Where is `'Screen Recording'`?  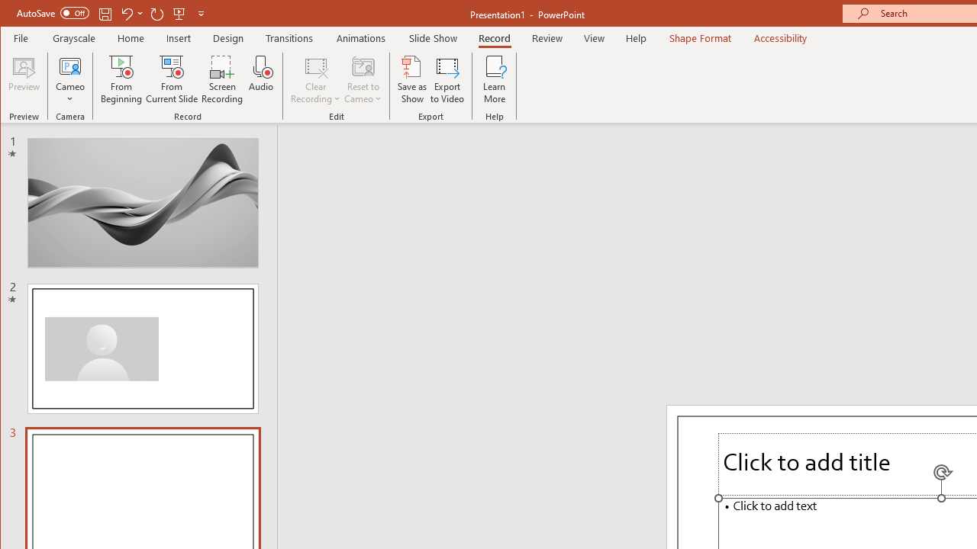 'Screen Recording' is located at coordinates (221, 79).